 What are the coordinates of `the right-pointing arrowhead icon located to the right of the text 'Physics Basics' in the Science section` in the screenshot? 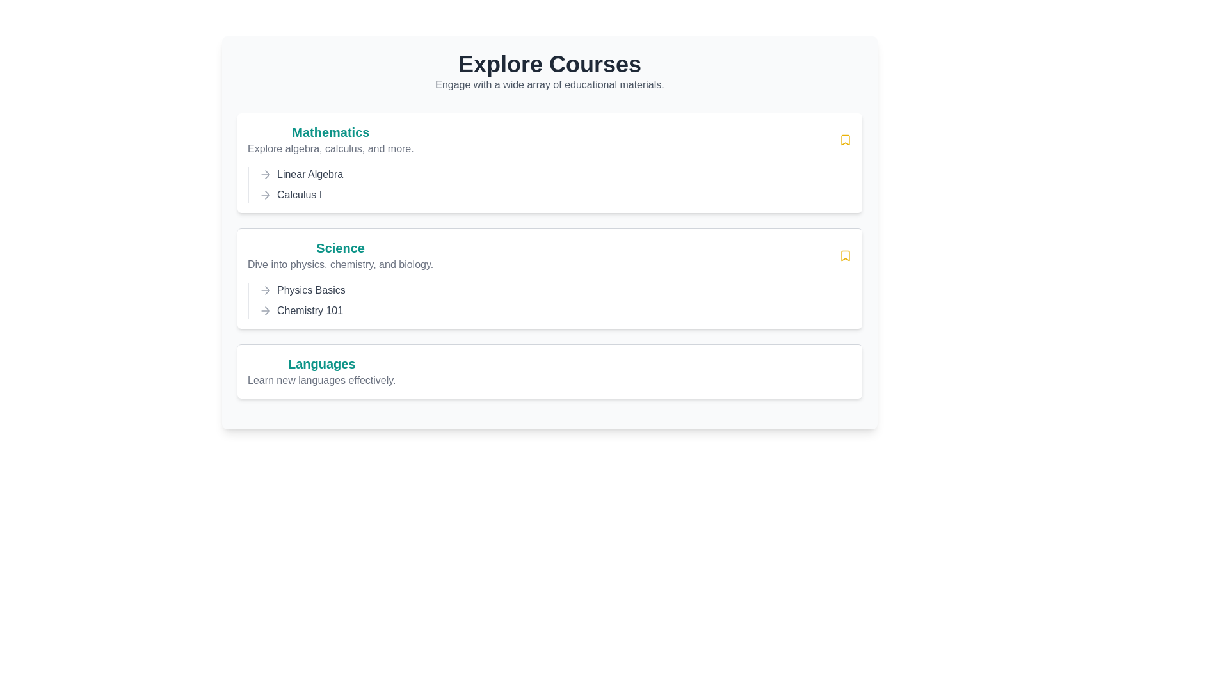 It's located at (266, 290).